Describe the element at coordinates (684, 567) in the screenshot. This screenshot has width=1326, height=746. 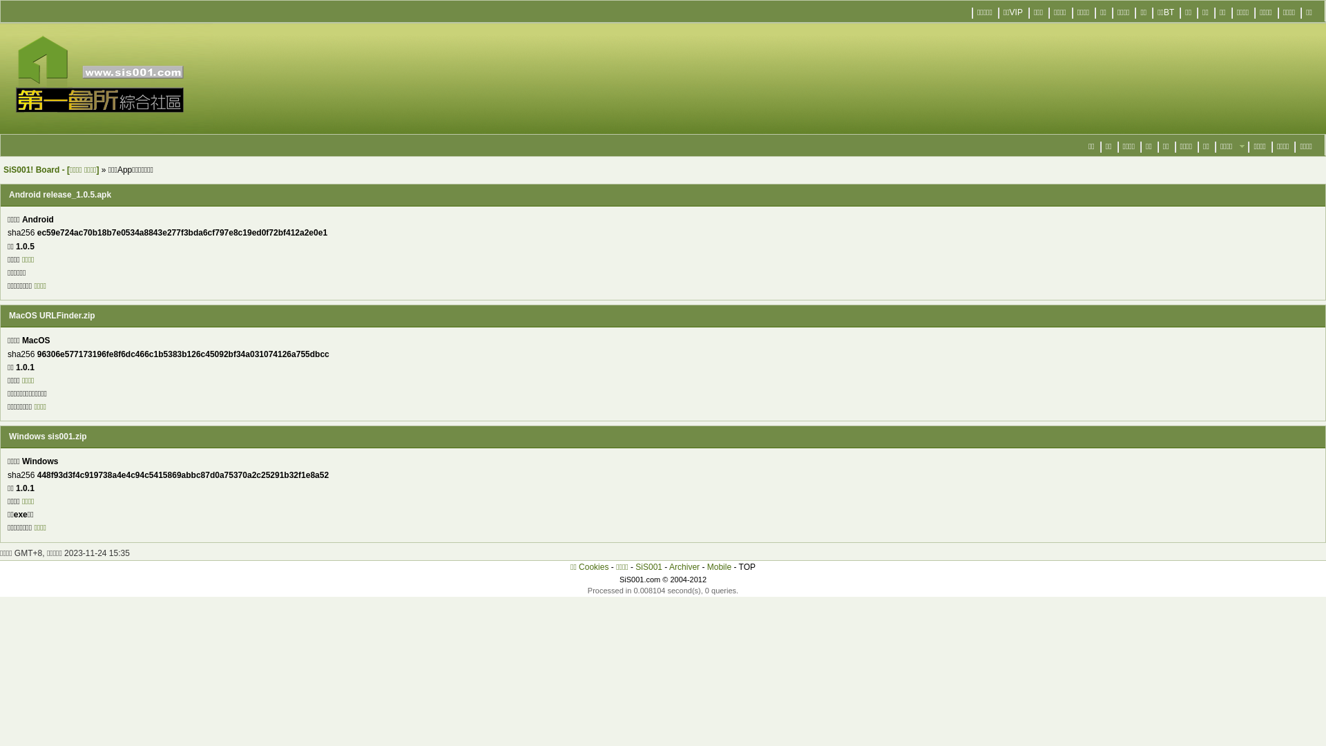
I see `'Archiver'` at that location.